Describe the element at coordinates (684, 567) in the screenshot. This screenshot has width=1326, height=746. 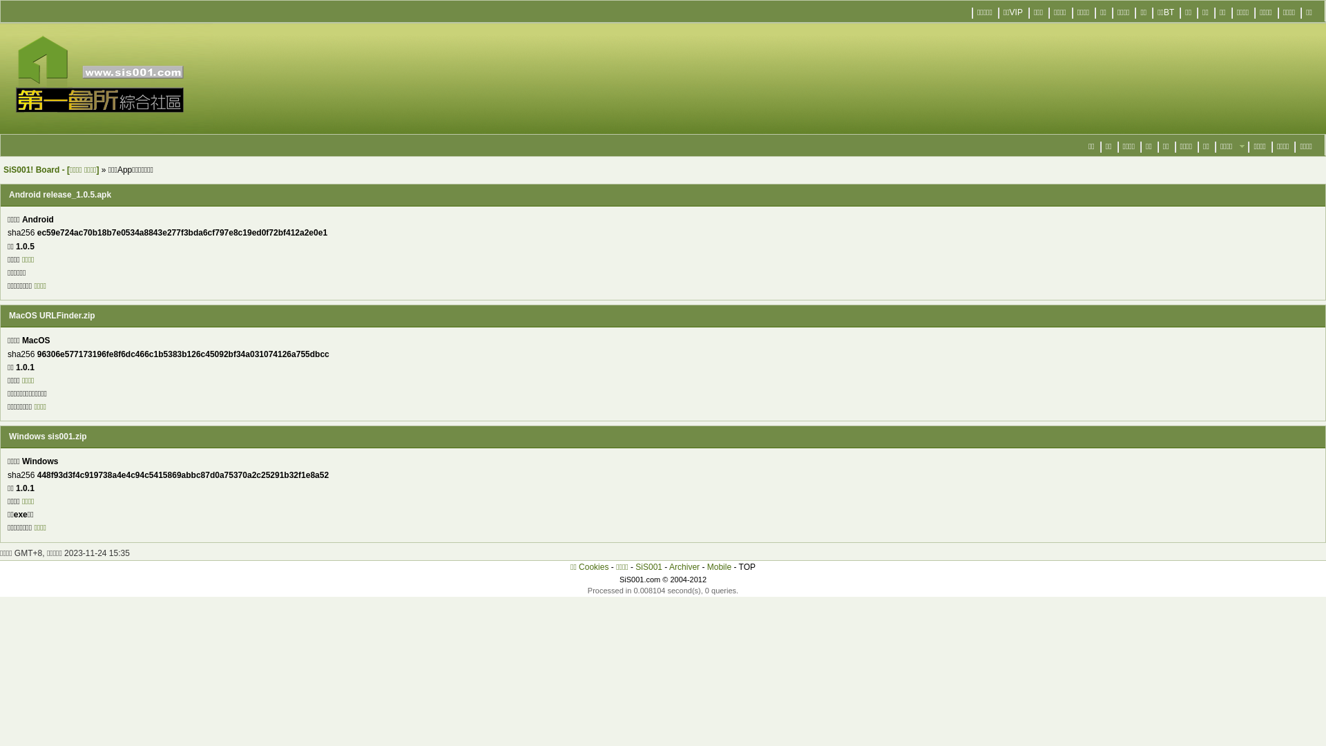
I see `'Archiver'` at that location.